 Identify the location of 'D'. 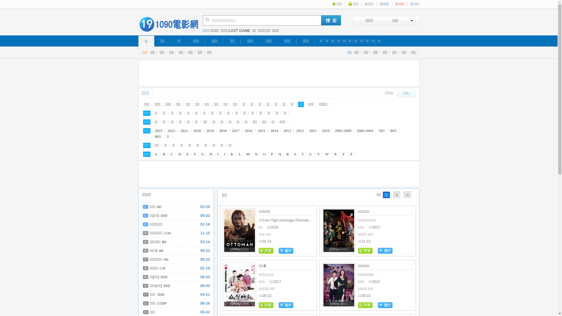
(179, 154).